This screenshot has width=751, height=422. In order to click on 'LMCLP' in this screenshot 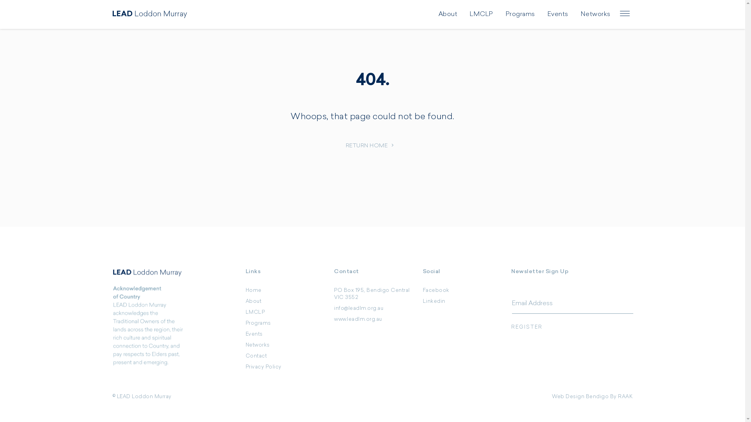, I will do `click(255, 312)`.